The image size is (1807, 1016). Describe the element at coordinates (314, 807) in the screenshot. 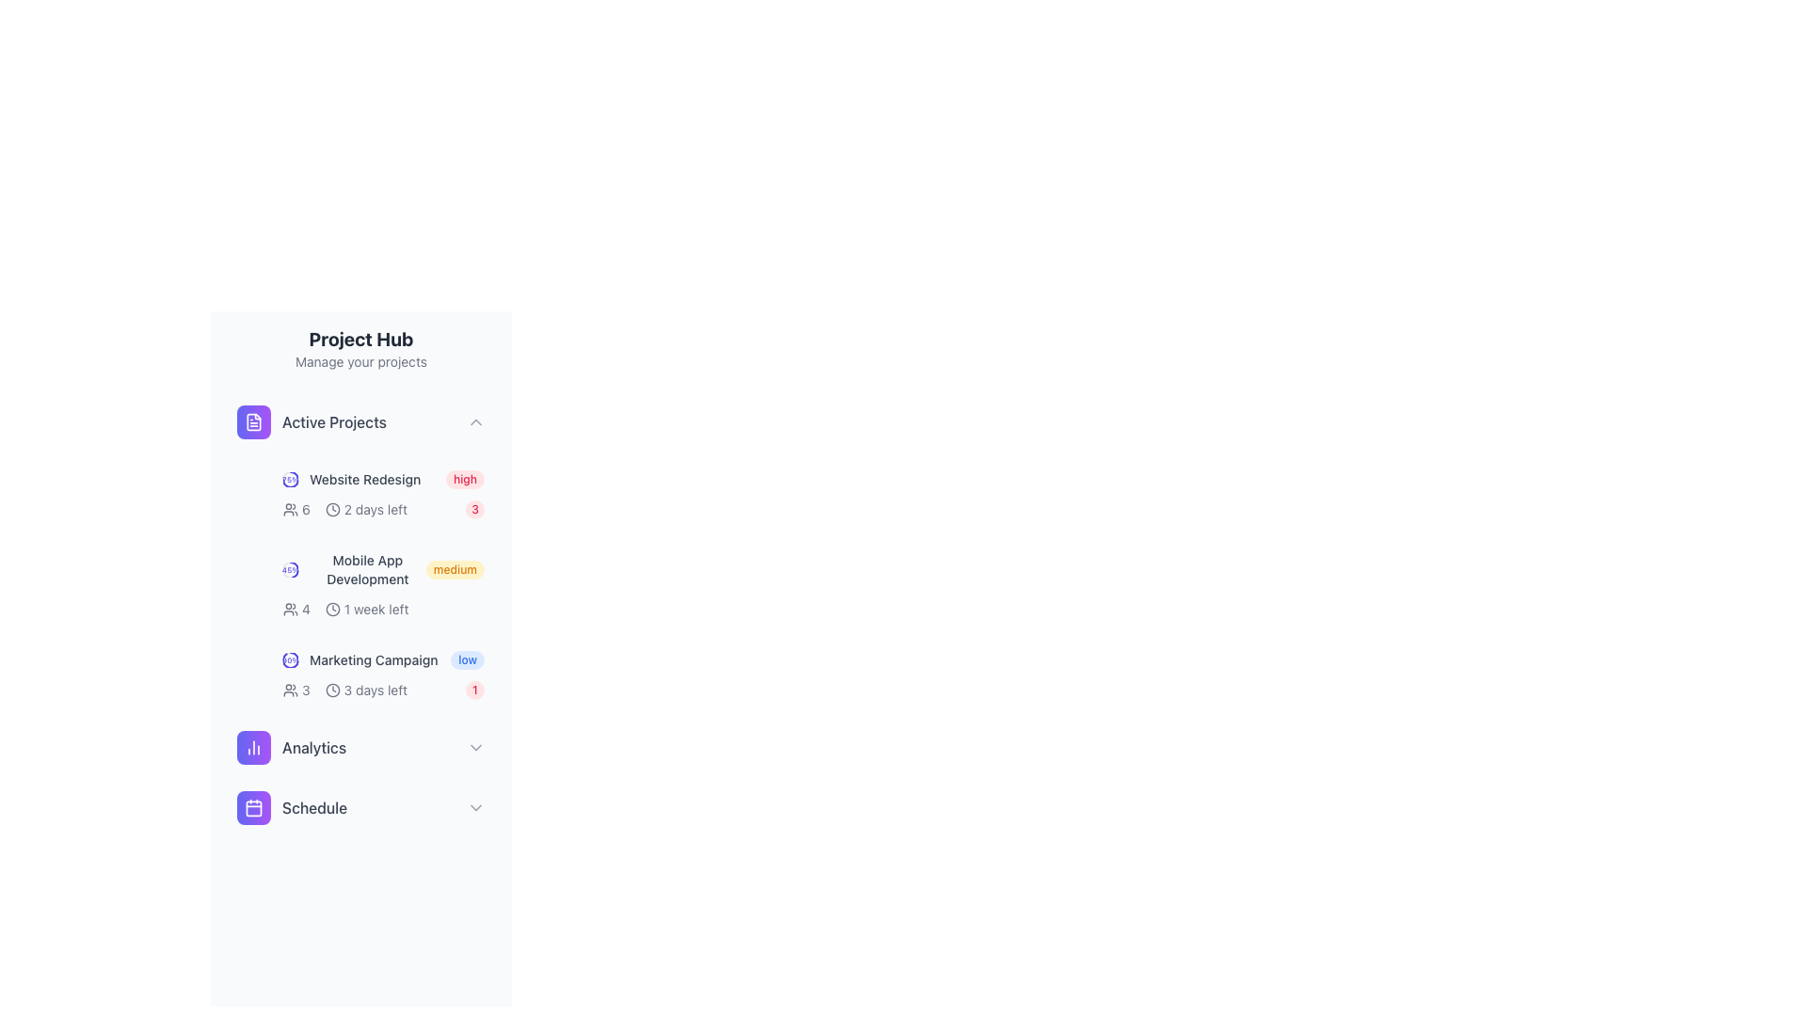

I see `the 'Schedule' text label, which is styled in medium-weight gray font (#707070) and located near a purple calendar icon in the sidebar` at that location.